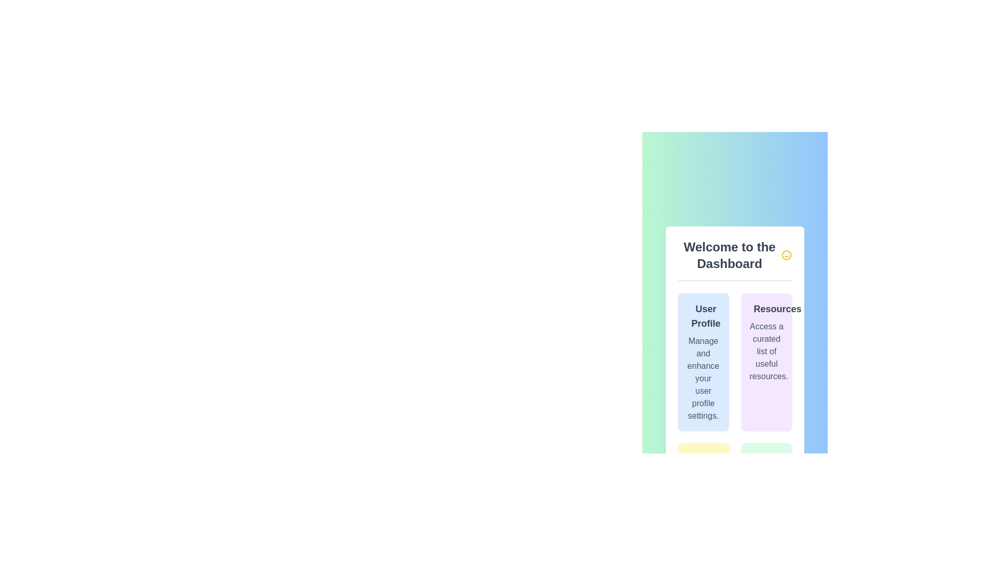 This screenshot has width=997, height=561. Describe the element at coordinates (703, 378) in the screenshot. I see `the descriptive text block that provides information about the 'User Profile' section, located directly below the 'User Profile' heading` at that location.